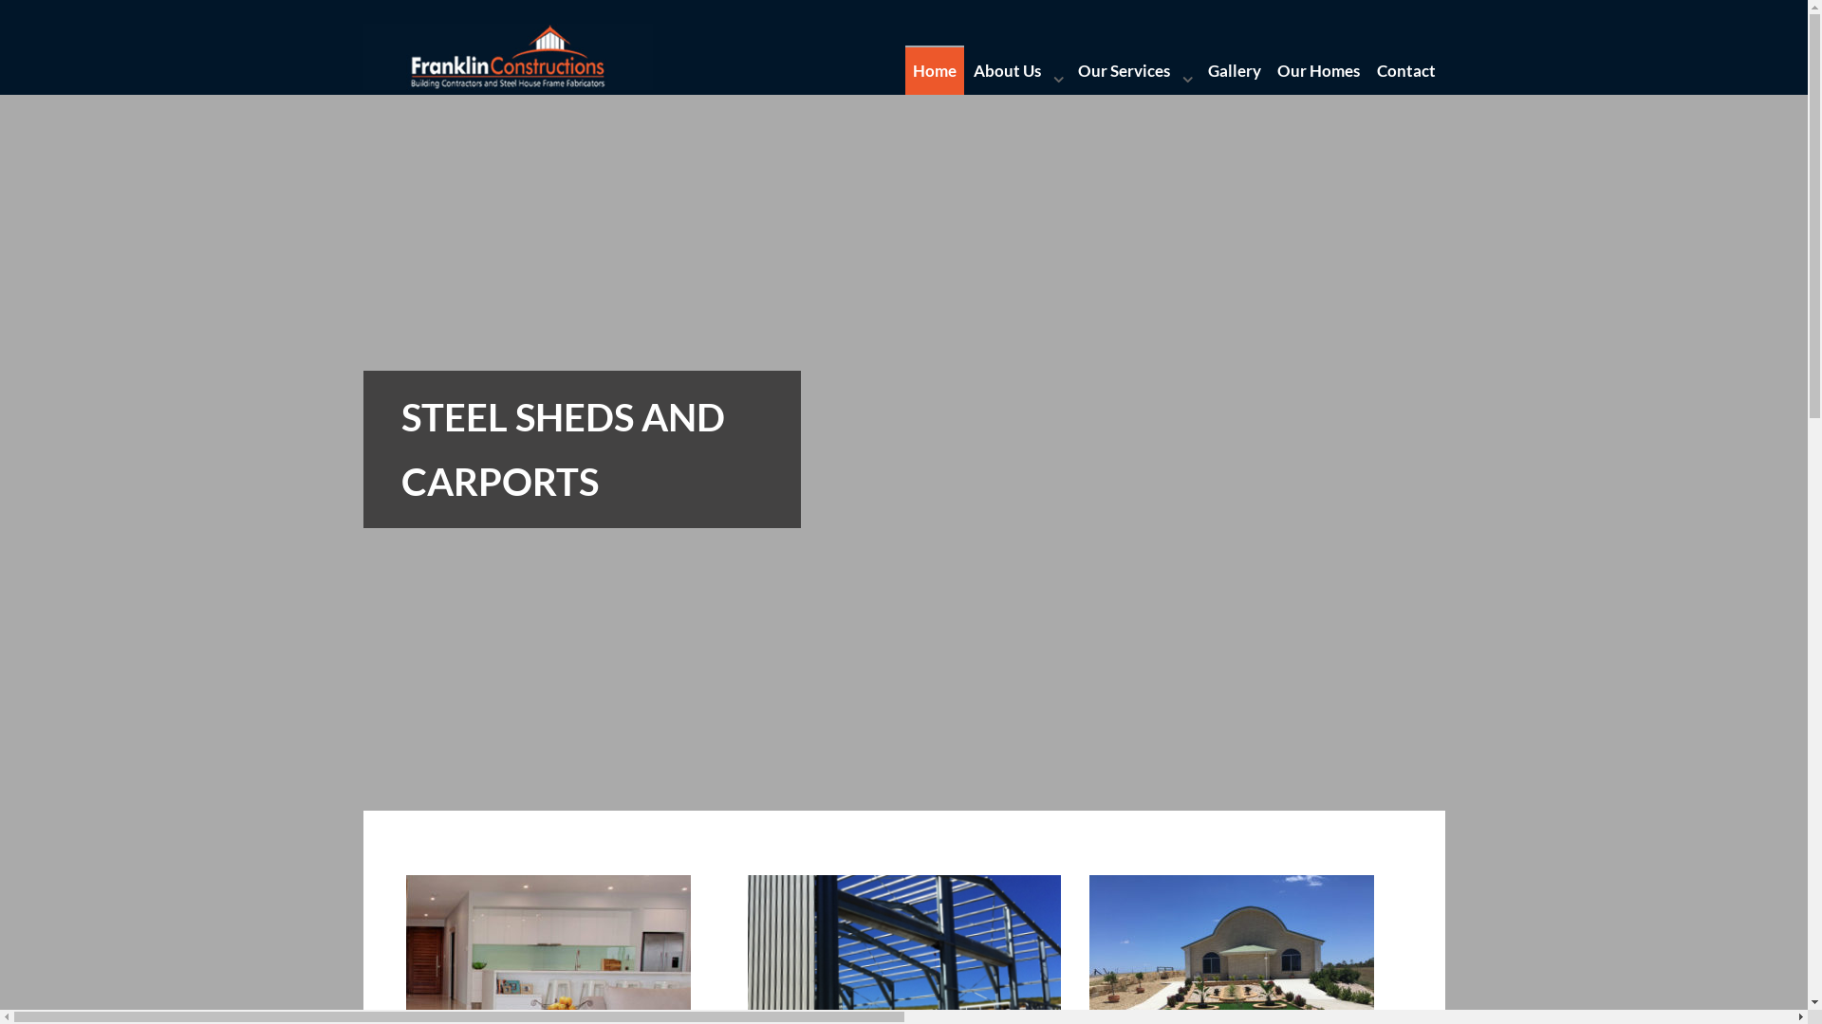  Describe the element at coordinates (935, 69) in the screenshot. I see `'Home'` at that location.